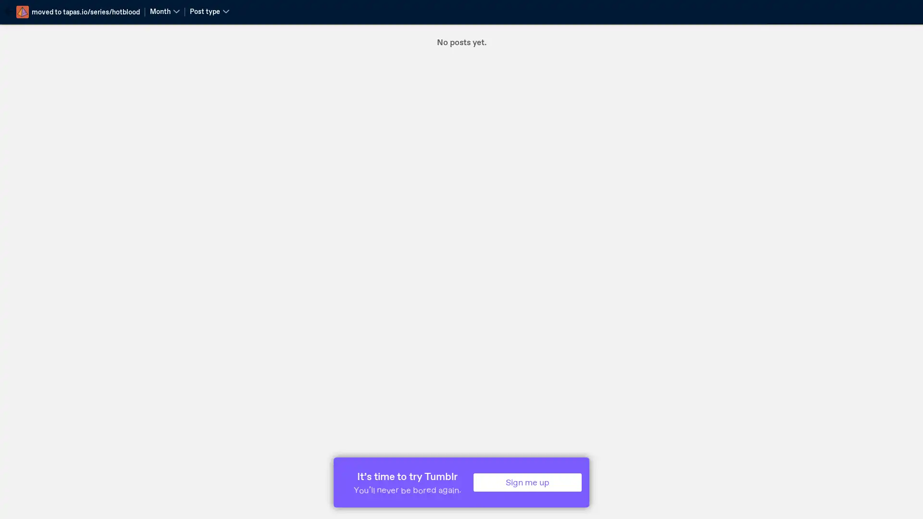 Image resolution: width=923 pixels, height=519 pixels. What do you see at coordinates (209, 11) in the screenshot?
I see `Post type` at bounding box center [209, 11].